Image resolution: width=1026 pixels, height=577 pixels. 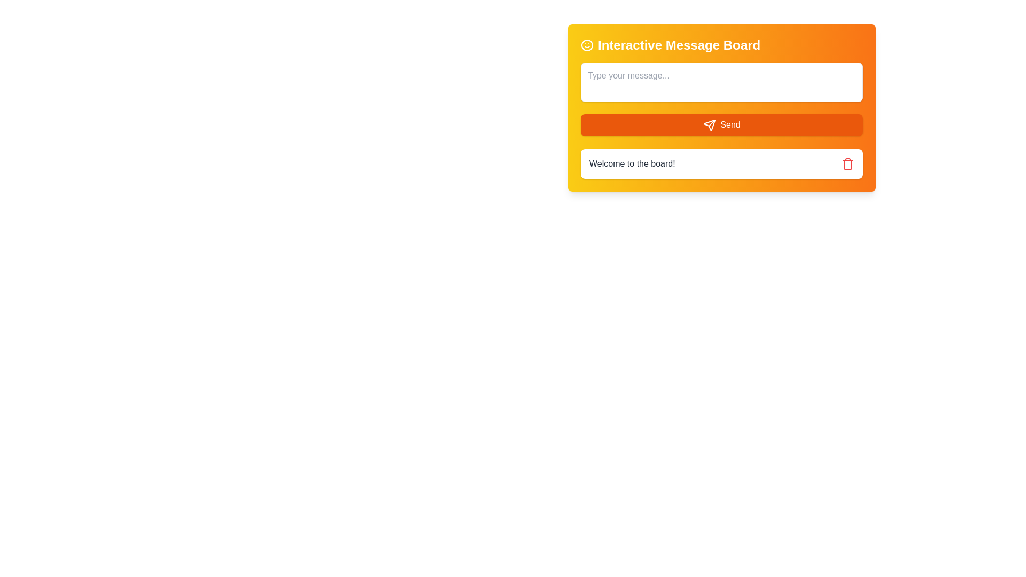 I want to click on the 'Send' button on the interactive message board, so click(x=721, y=117).